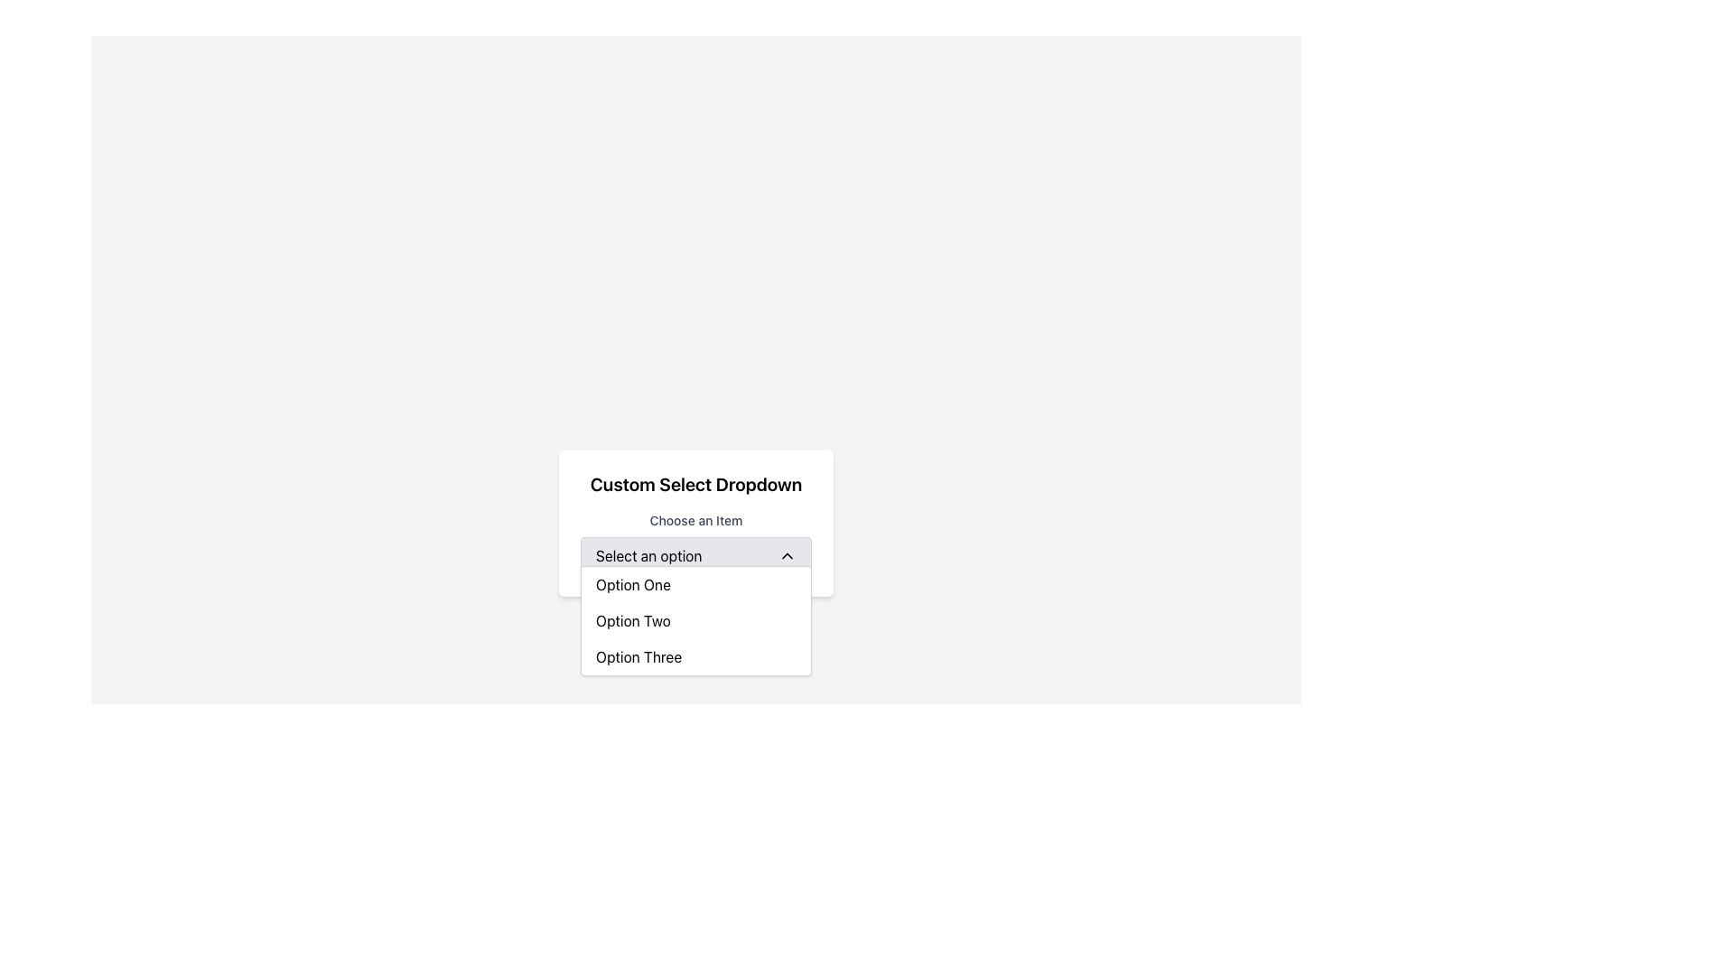 The image size is (1734, 975). What do you see at coordinates (695, 657) in the screenshot?
I see `the dropdown menu option labeled 'Option Three', which is the third item in the dropdown list under 'Select an option' and below 'Option Two'` at bounding box center [695, 657].